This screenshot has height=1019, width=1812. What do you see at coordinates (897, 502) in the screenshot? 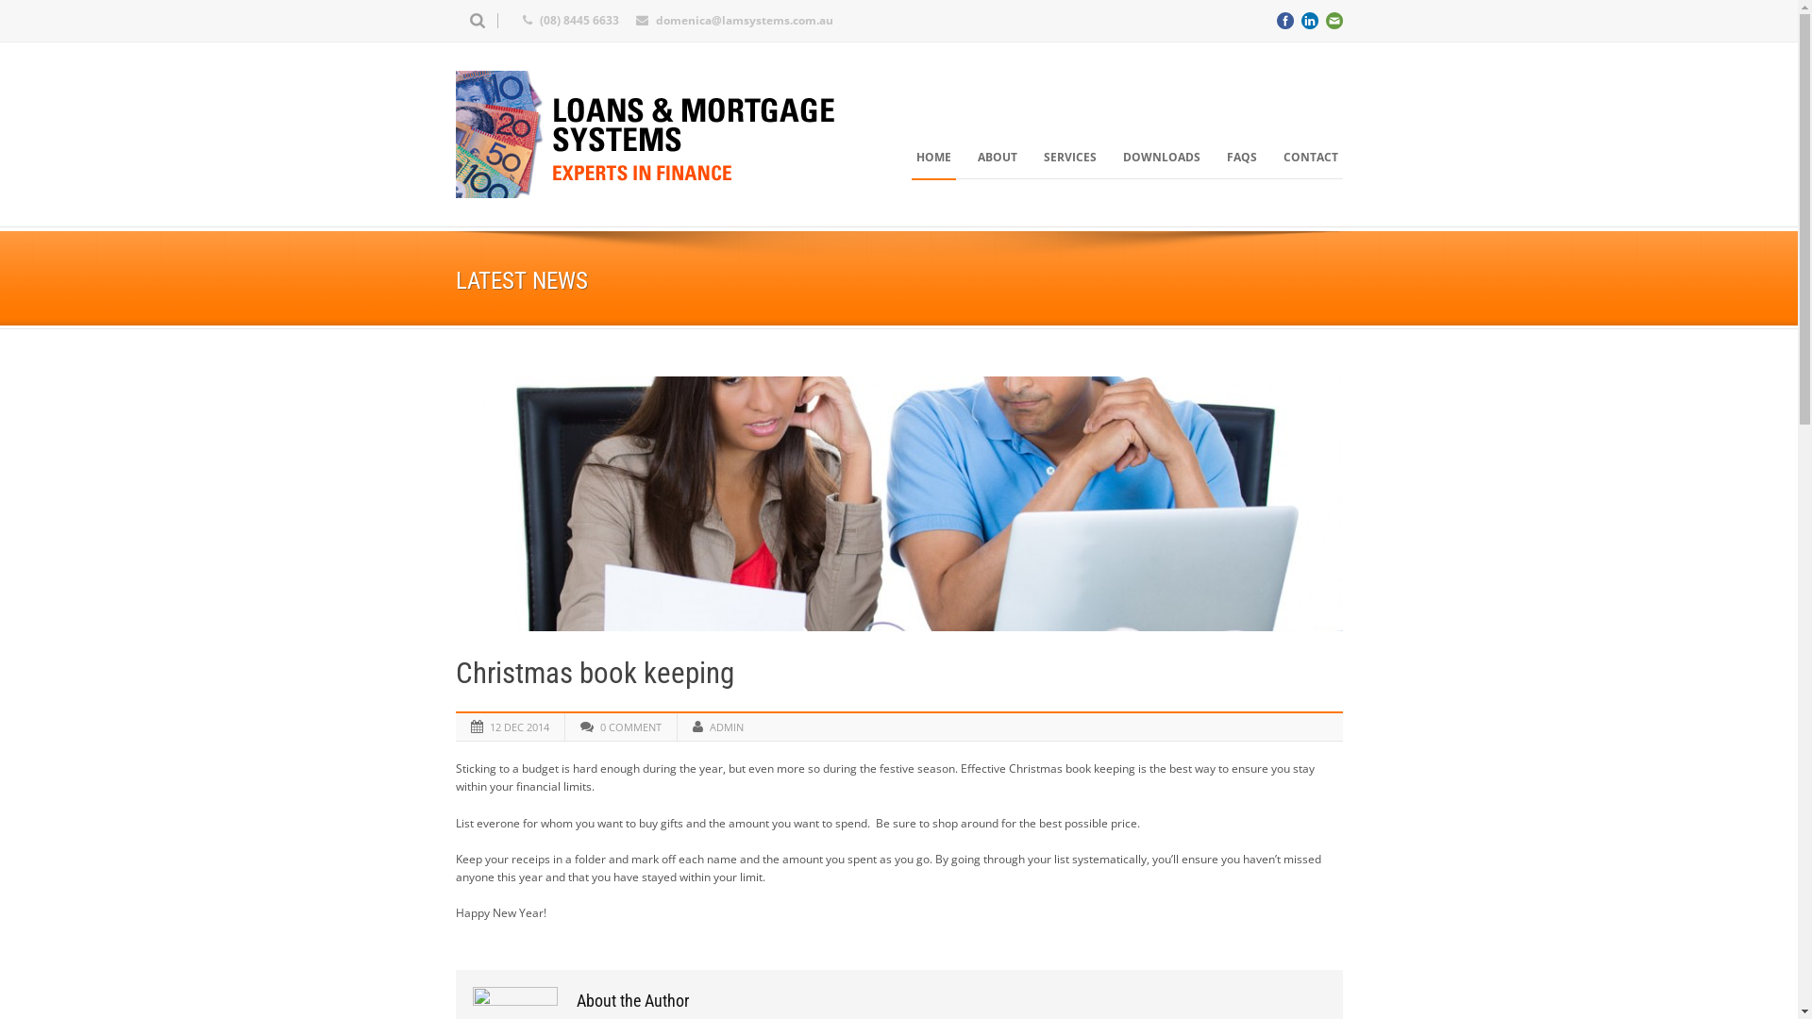
I see `'Christmas book keeping'` at bounding box center [897, 502].